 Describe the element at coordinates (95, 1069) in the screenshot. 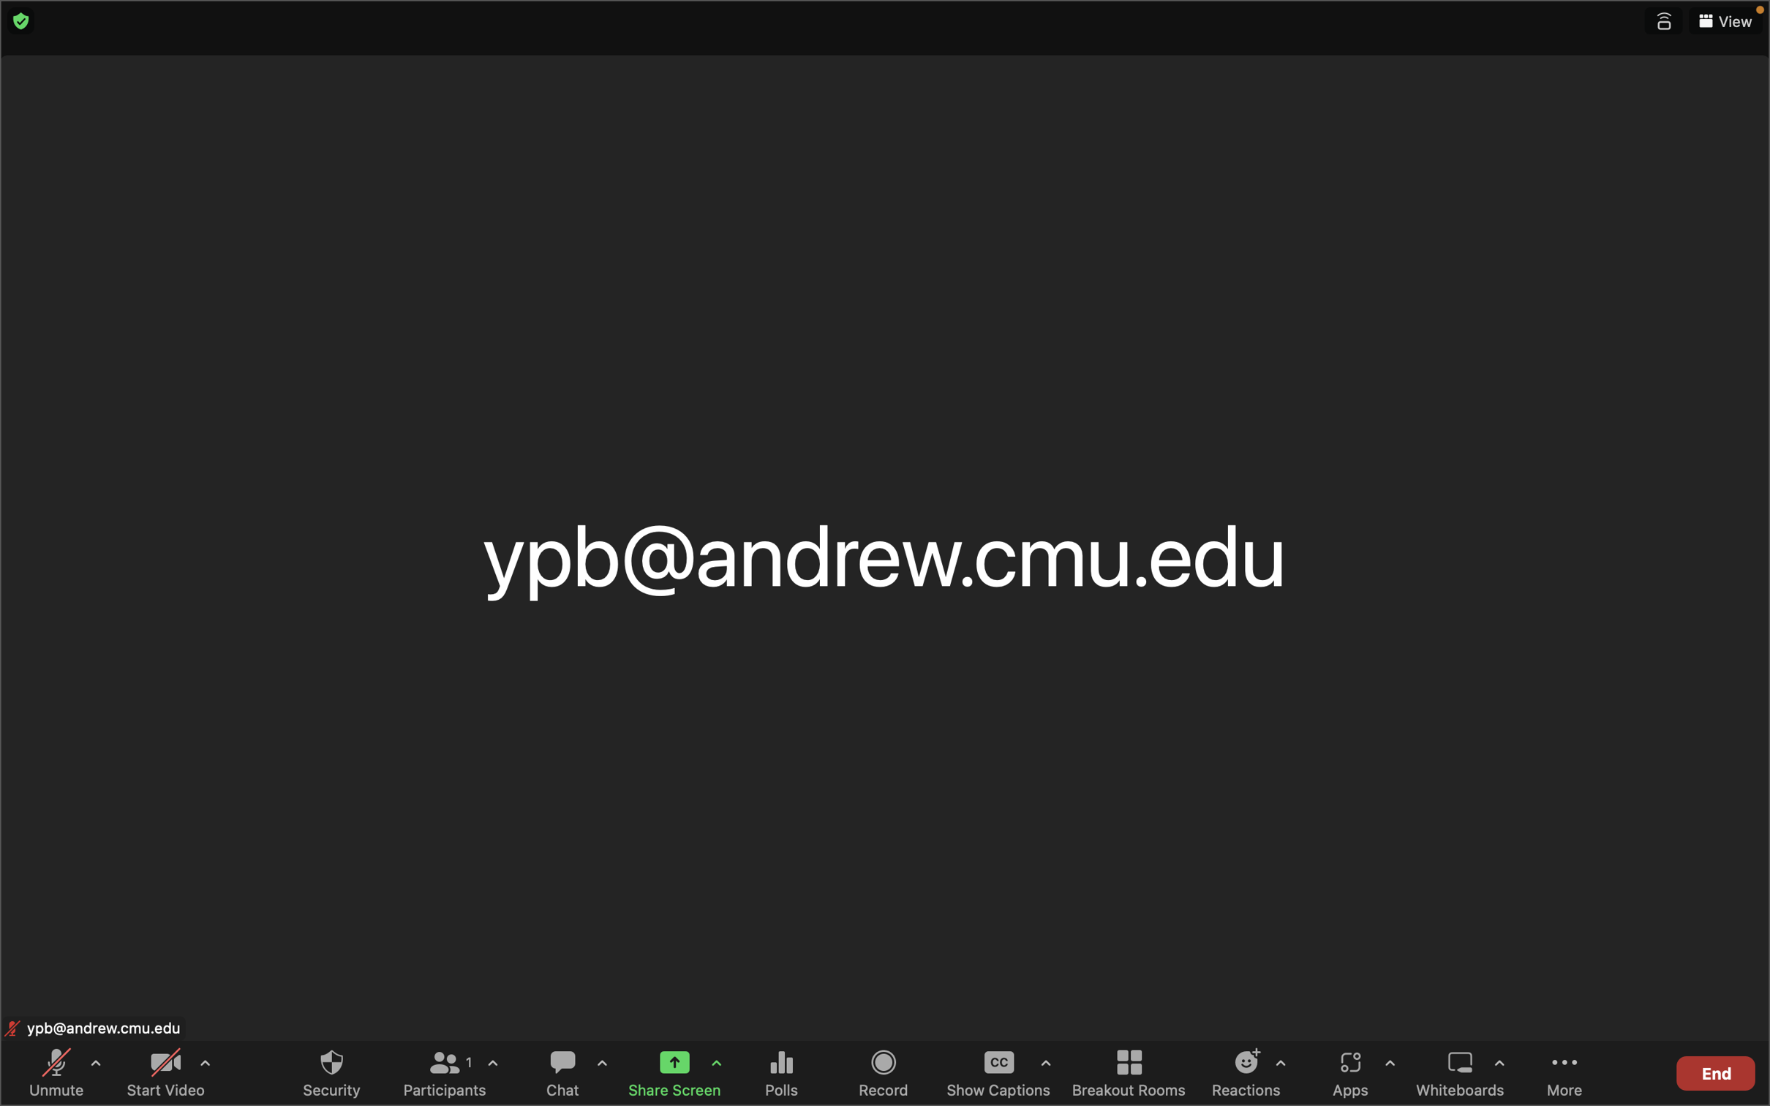

I see `Activate the audio control pane` at that location.